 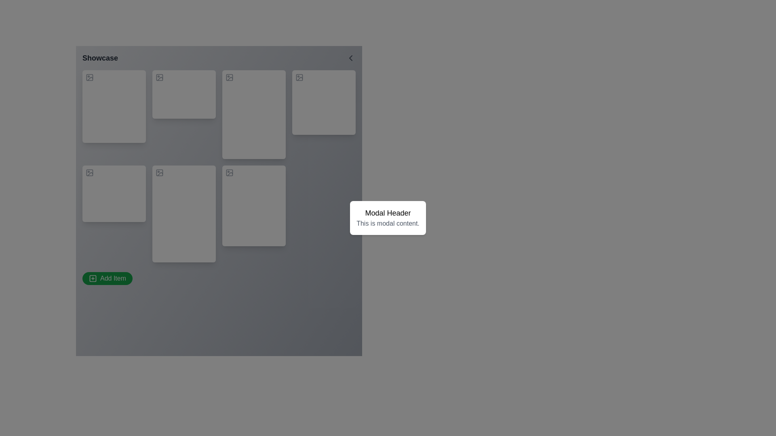 I want to click on the rectangular tile element with a white background and rounded corners that serves as a grid tile, located in the fourth cell from the left in the first row, so click(x=324, y=102).